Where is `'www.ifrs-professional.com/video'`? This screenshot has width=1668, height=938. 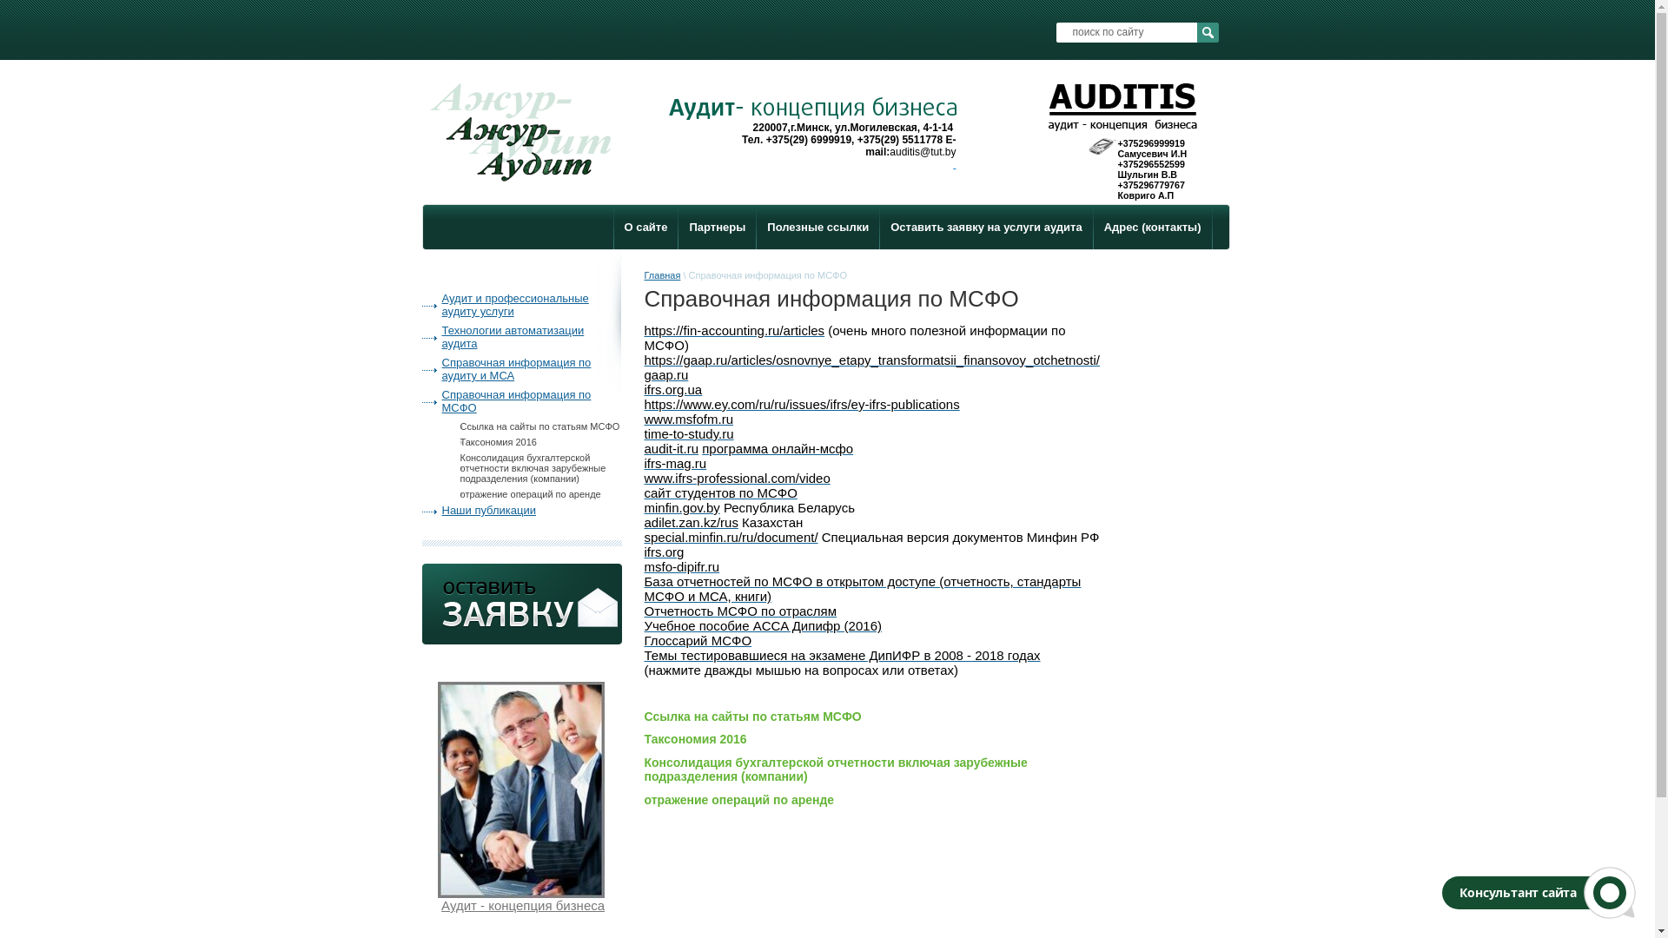
'www.ifrs-professional.com/video' is located at coordinates (738, 478).